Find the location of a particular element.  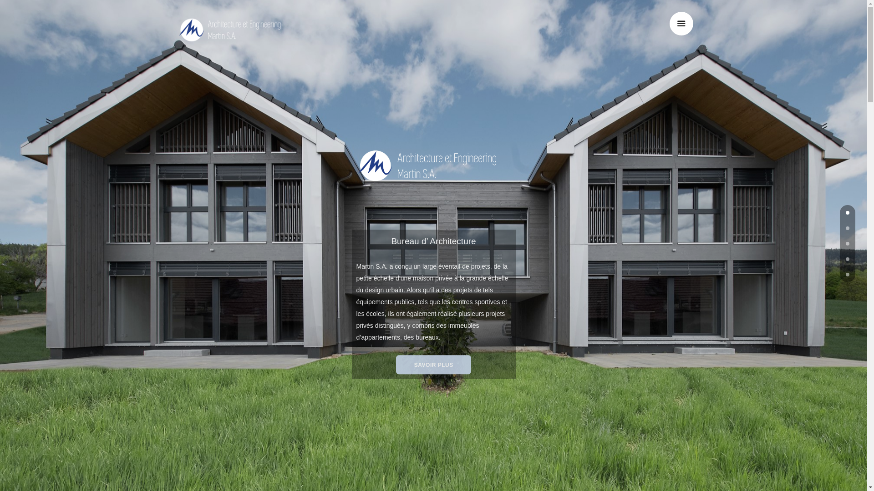

'SAVOIR PLUS' is located at coordinates (433, 364).